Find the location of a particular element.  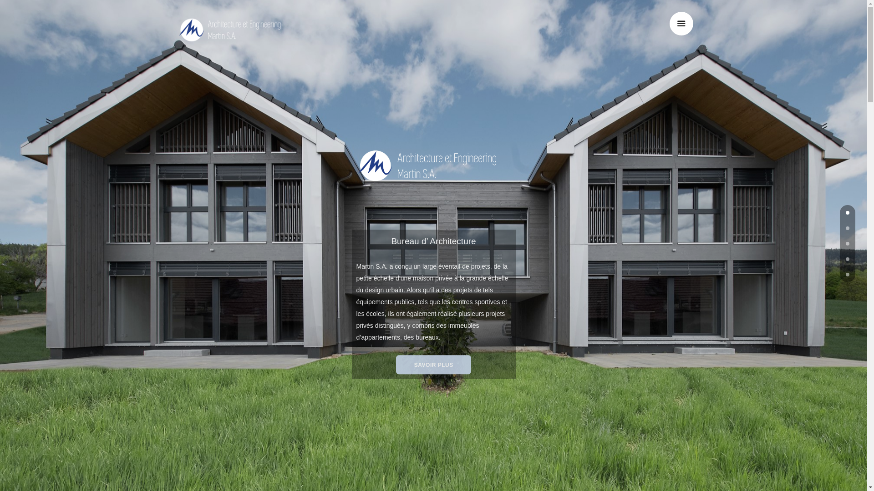

'SAVOIR PLUS' is located at coordinates (433, 364).